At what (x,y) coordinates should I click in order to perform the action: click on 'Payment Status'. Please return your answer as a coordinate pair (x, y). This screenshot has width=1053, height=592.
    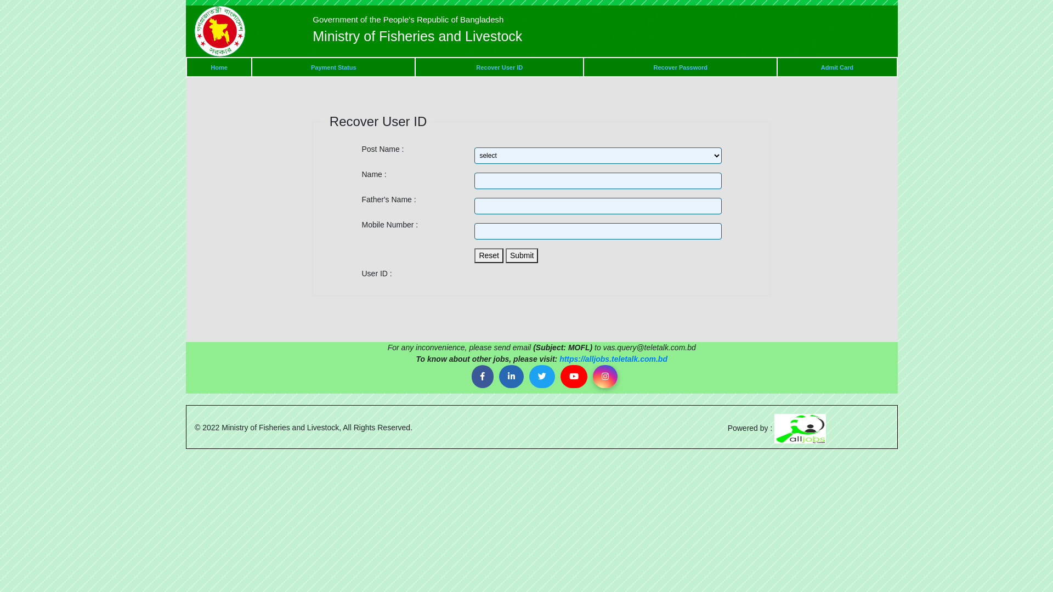
    Looking at the image, I should click on (333, 67).